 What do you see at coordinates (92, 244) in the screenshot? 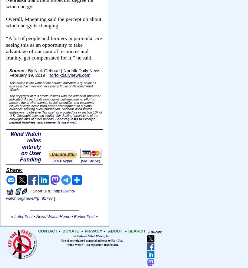
I see `'"Wind Watch" is a registered trademark.'` at bounding box center [92, 244].